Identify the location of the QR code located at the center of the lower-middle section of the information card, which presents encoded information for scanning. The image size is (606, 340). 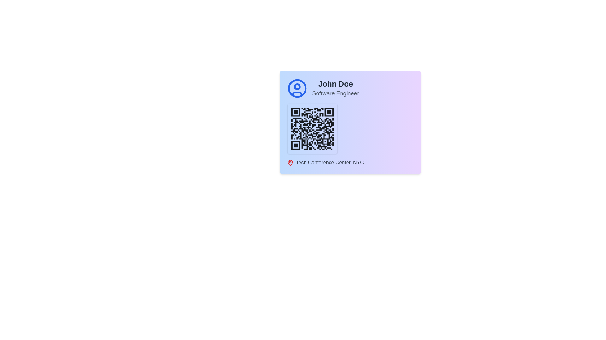
(312, 128).